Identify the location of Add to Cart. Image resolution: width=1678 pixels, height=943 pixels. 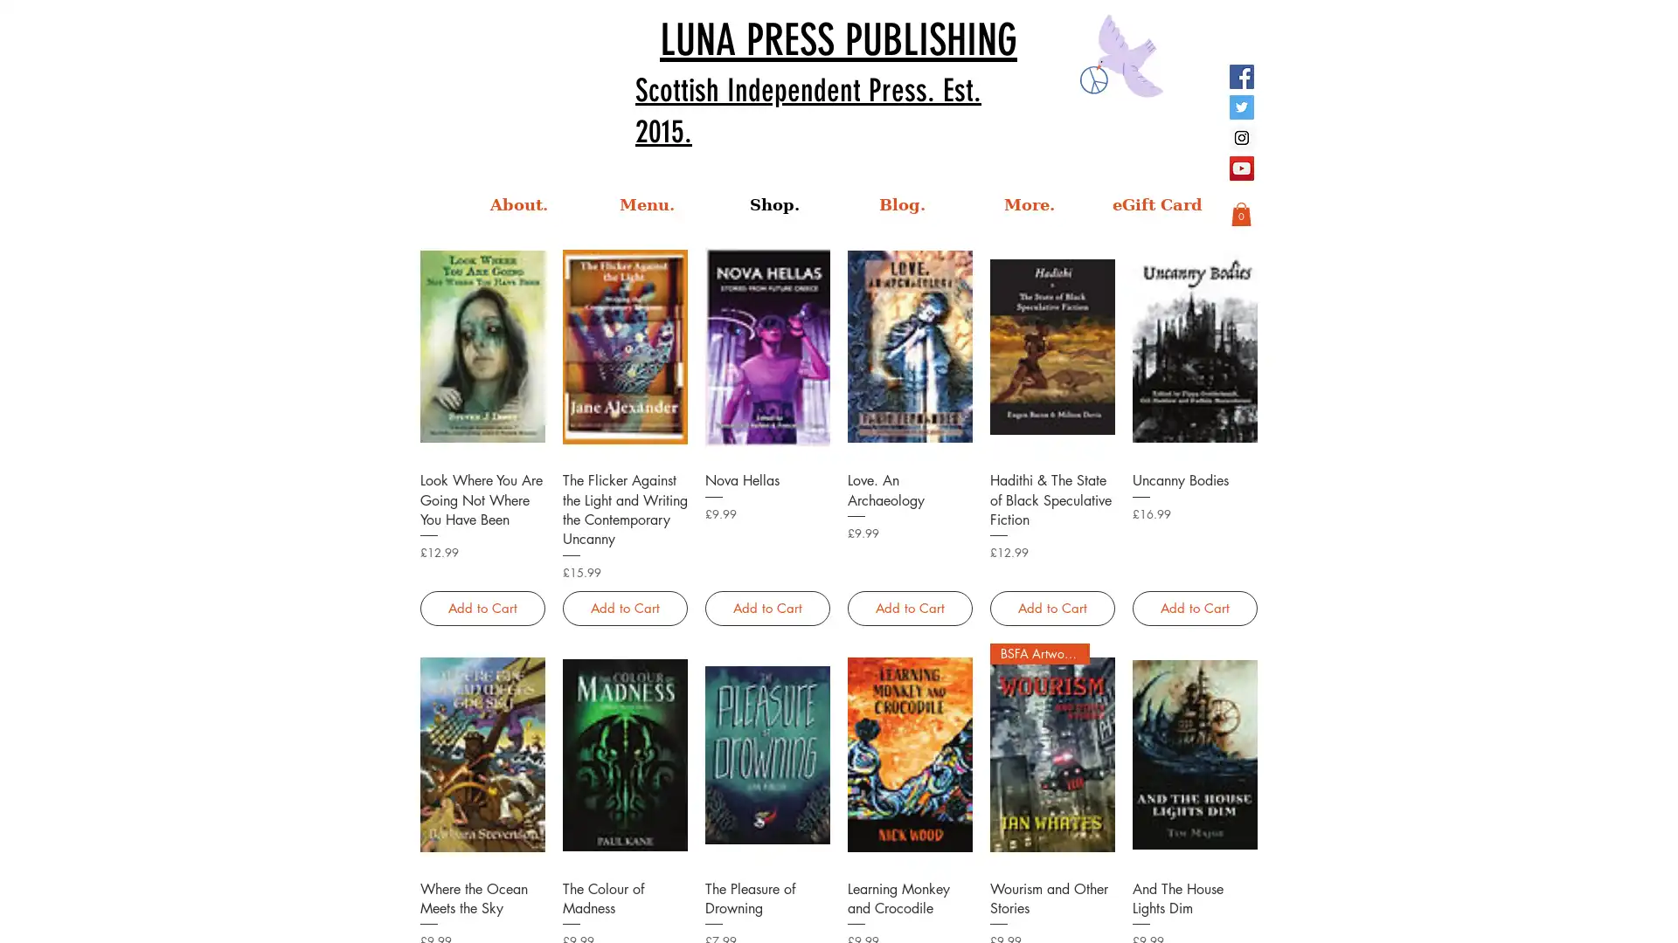
(909, 607).